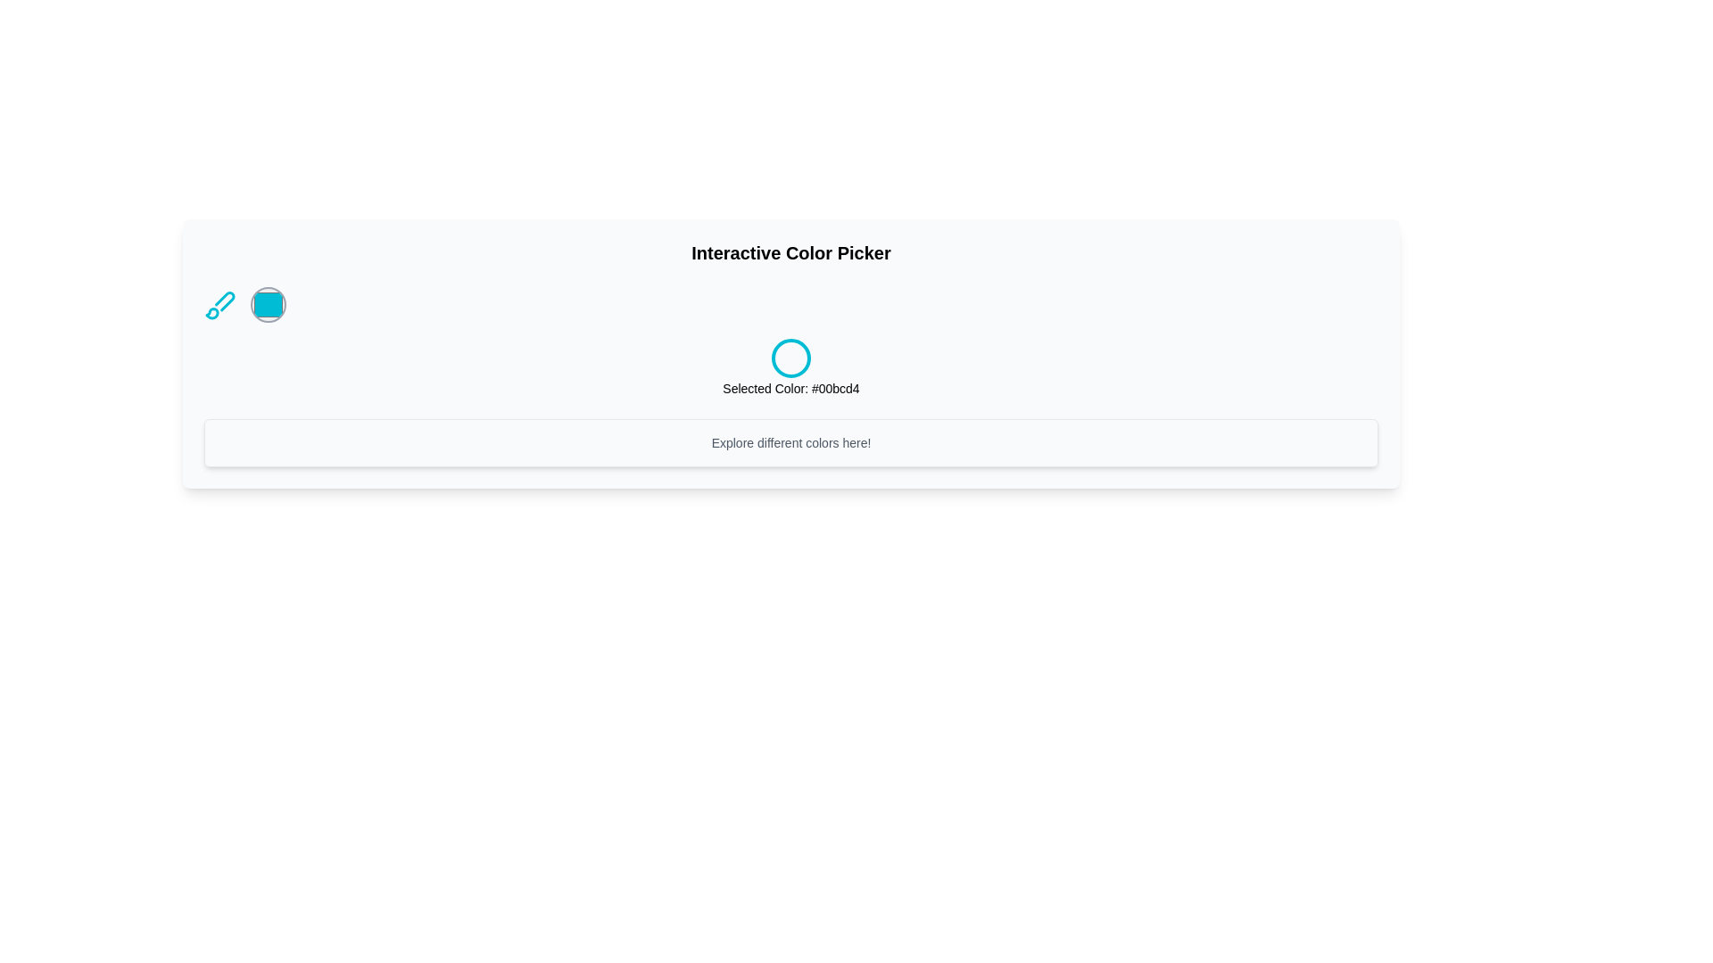  What do you see at coordinates (790, 366) in the screenshot?
I see `text from the informational display element that shows the currently selected color, which is represented by a light blue circle and a color code text, located centrally below the toolbar area` at bounding box center [790, 366].